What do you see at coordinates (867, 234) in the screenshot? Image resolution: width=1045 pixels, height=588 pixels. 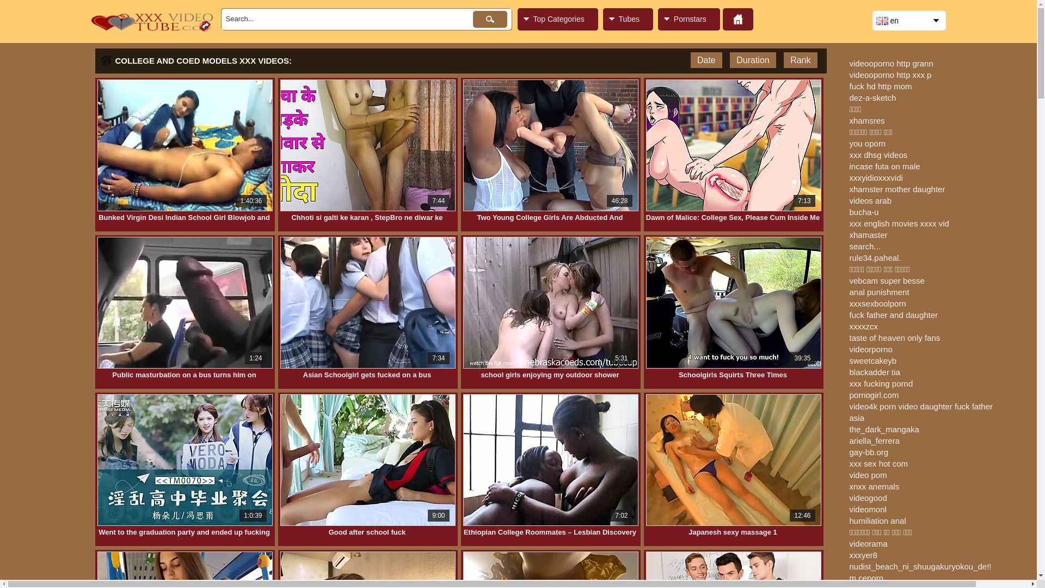 I see `'xhamaster'` at bounding box center [867, 234].